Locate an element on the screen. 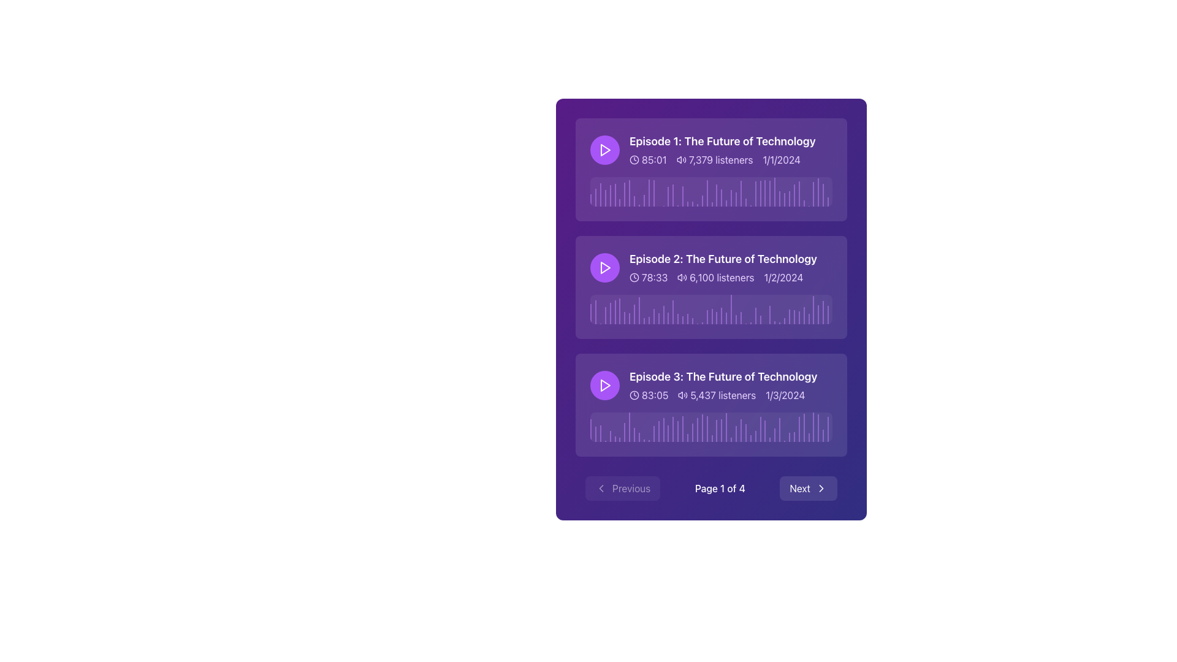 The width and height of the screenshot is (1177, 662). the vertical thin purple line indicator that is part of the waveform component below 'Episode 3: The Future of Technology' is located at coordinates (799, 428).